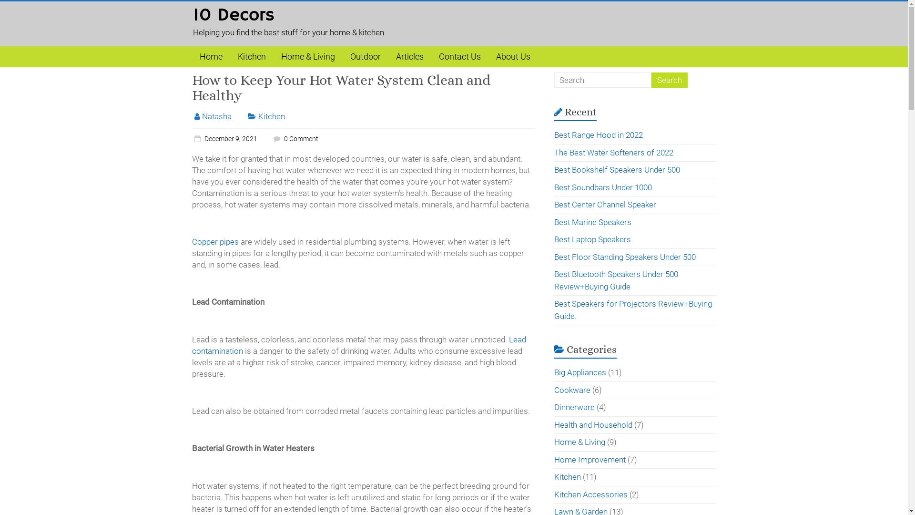 The width and height of the screenshot is (915, 515). Describe the element at coordinates (214, 241) in the screenshot. I see `'Copper pipes'` at that location.